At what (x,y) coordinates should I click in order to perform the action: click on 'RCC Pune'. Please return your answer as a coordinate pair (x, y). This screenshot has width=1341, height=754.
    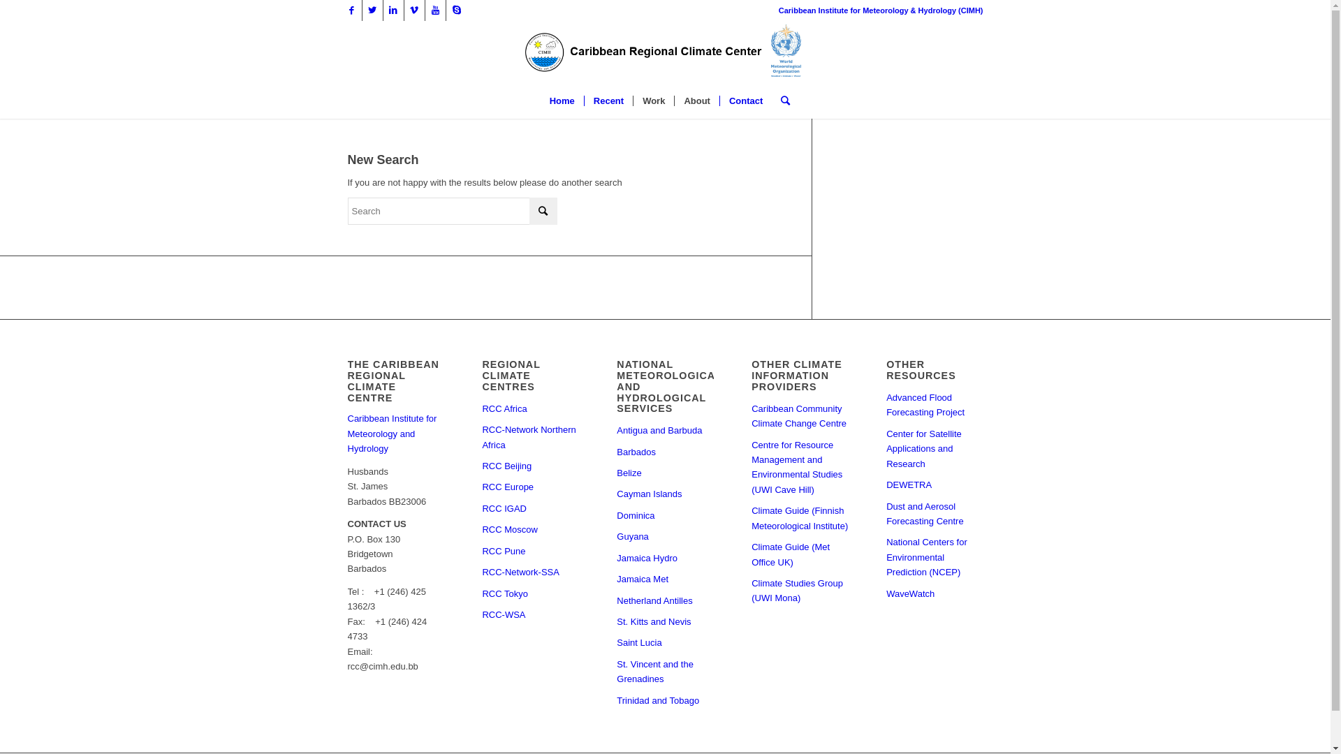
    Looking at the image, I should click on (482, 551).